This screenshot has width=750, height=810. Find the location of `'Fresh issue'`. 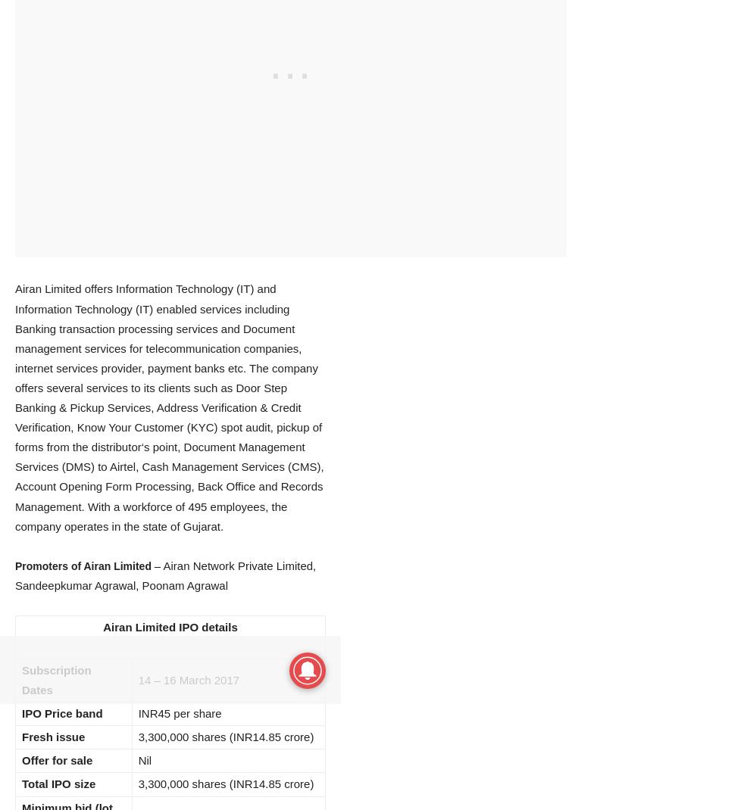

'Fresh issue' is located at coordinates (53, 736).